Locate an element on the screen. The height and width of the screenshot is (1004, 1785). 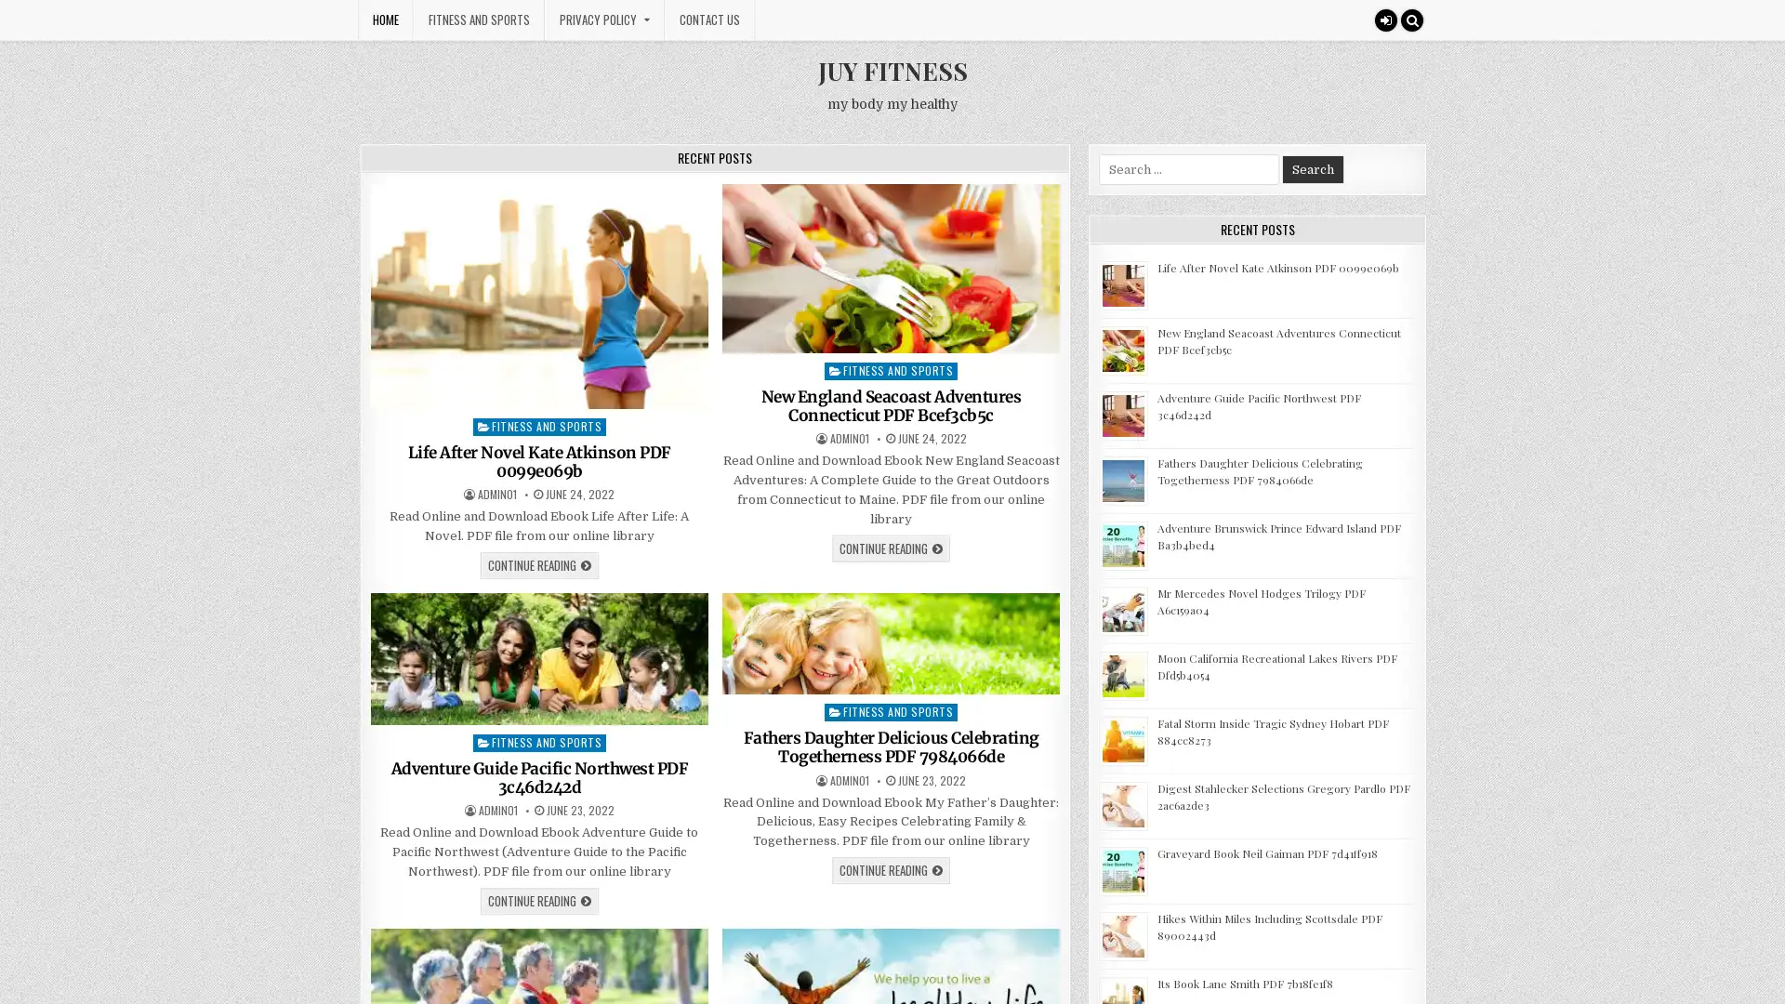
Search is located at coordinates (1312, 169).